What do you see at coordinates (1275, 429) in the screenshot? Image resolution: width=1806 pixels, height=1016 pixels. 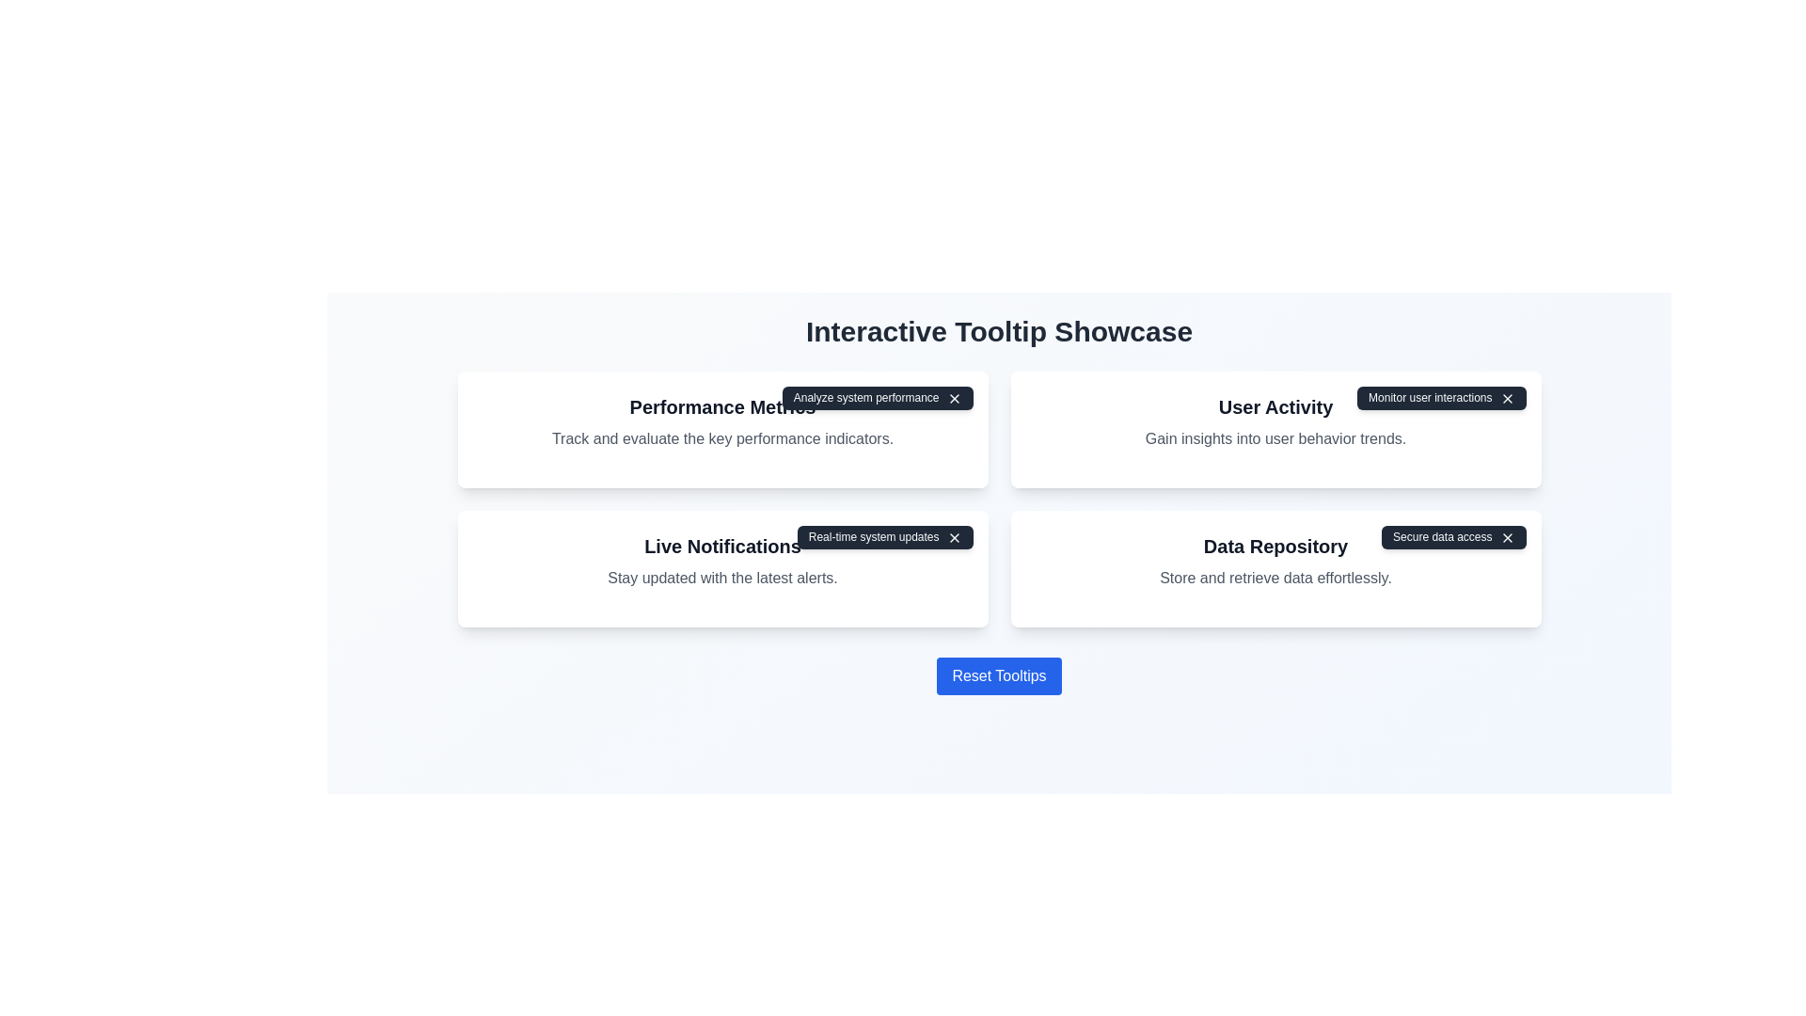 I see `the Information card that provides summarized insights into user activity, located in the top-right quadrant of the 2x2 grid layout` at bounding box center [1275, 429].